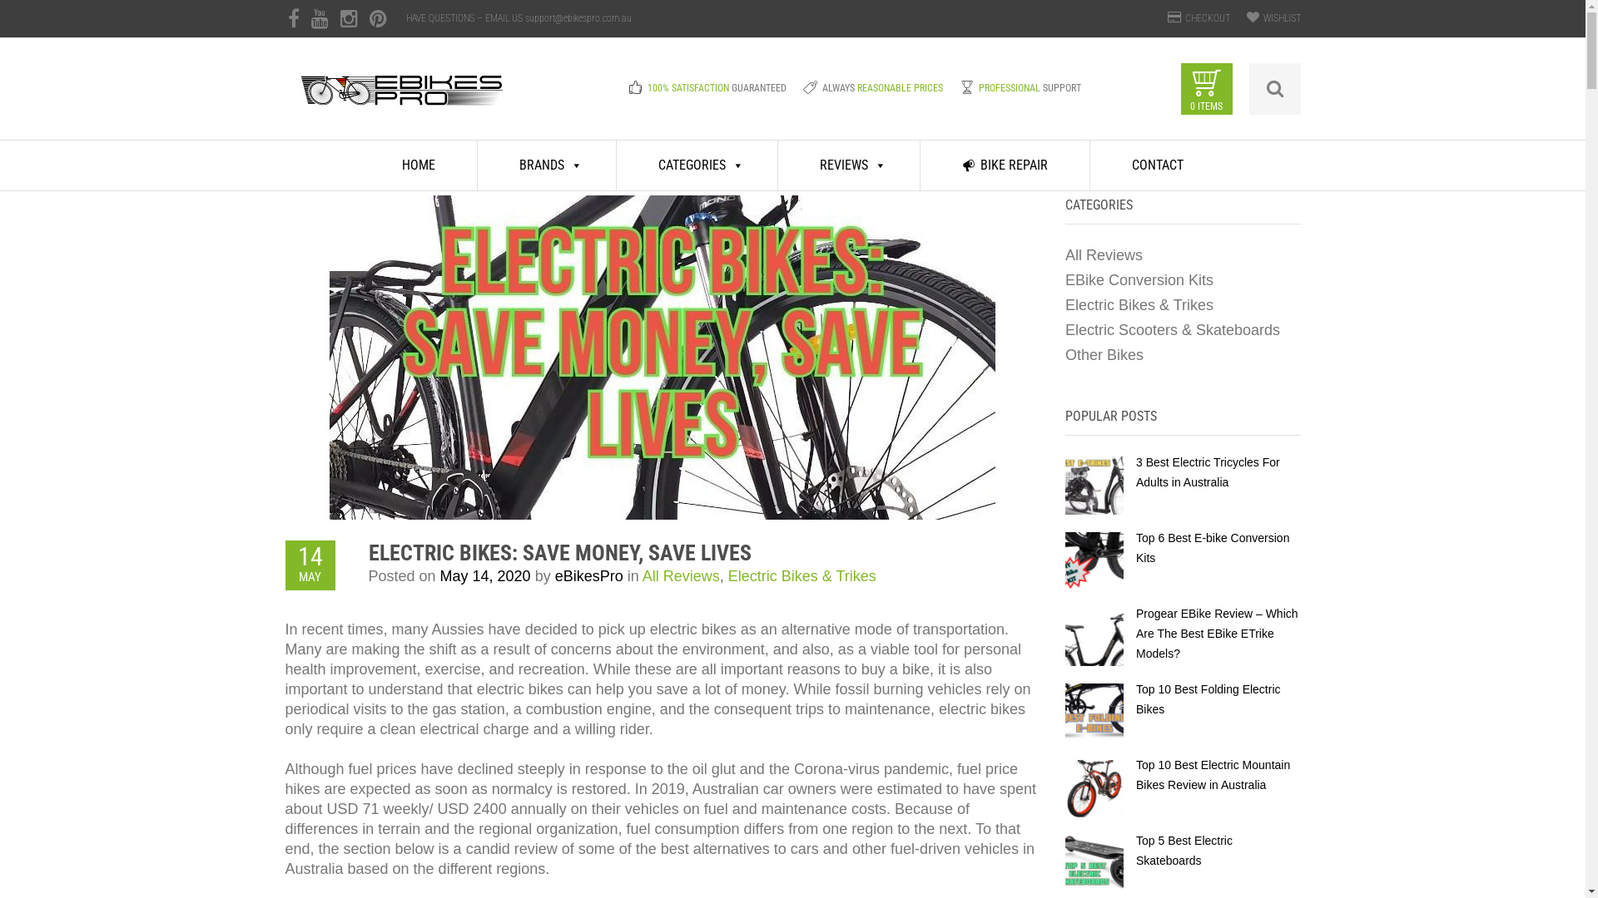  Describe the element at coordinates (919, 165) in the screenshot. I see `'BIKE REPAIR'` at that location.